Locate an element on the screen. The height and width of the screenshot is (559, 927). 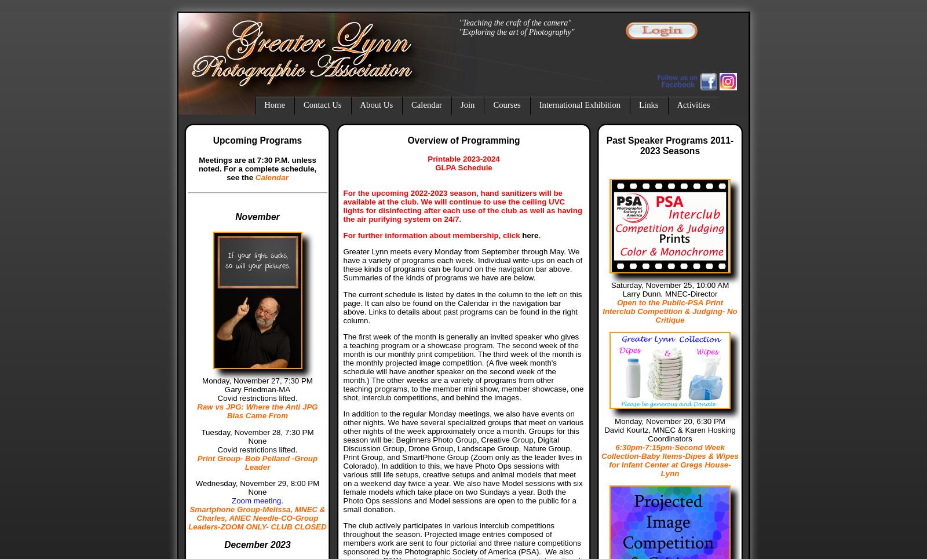
'The first week of the month is generally an invited speaker who gives a teaching program or a showcase program.  The second  week of the month is our monthly print competition.  The third  week of the month is the monthly projected image competition.  (A five week month's schedule will have another speaker on the second week of the month.) The other weeks are a variety of programs from other teaching programs, to the member mini show, member showcase, one shot, interclub competitions, and behind the images.' is located at coordinates (342, 367).